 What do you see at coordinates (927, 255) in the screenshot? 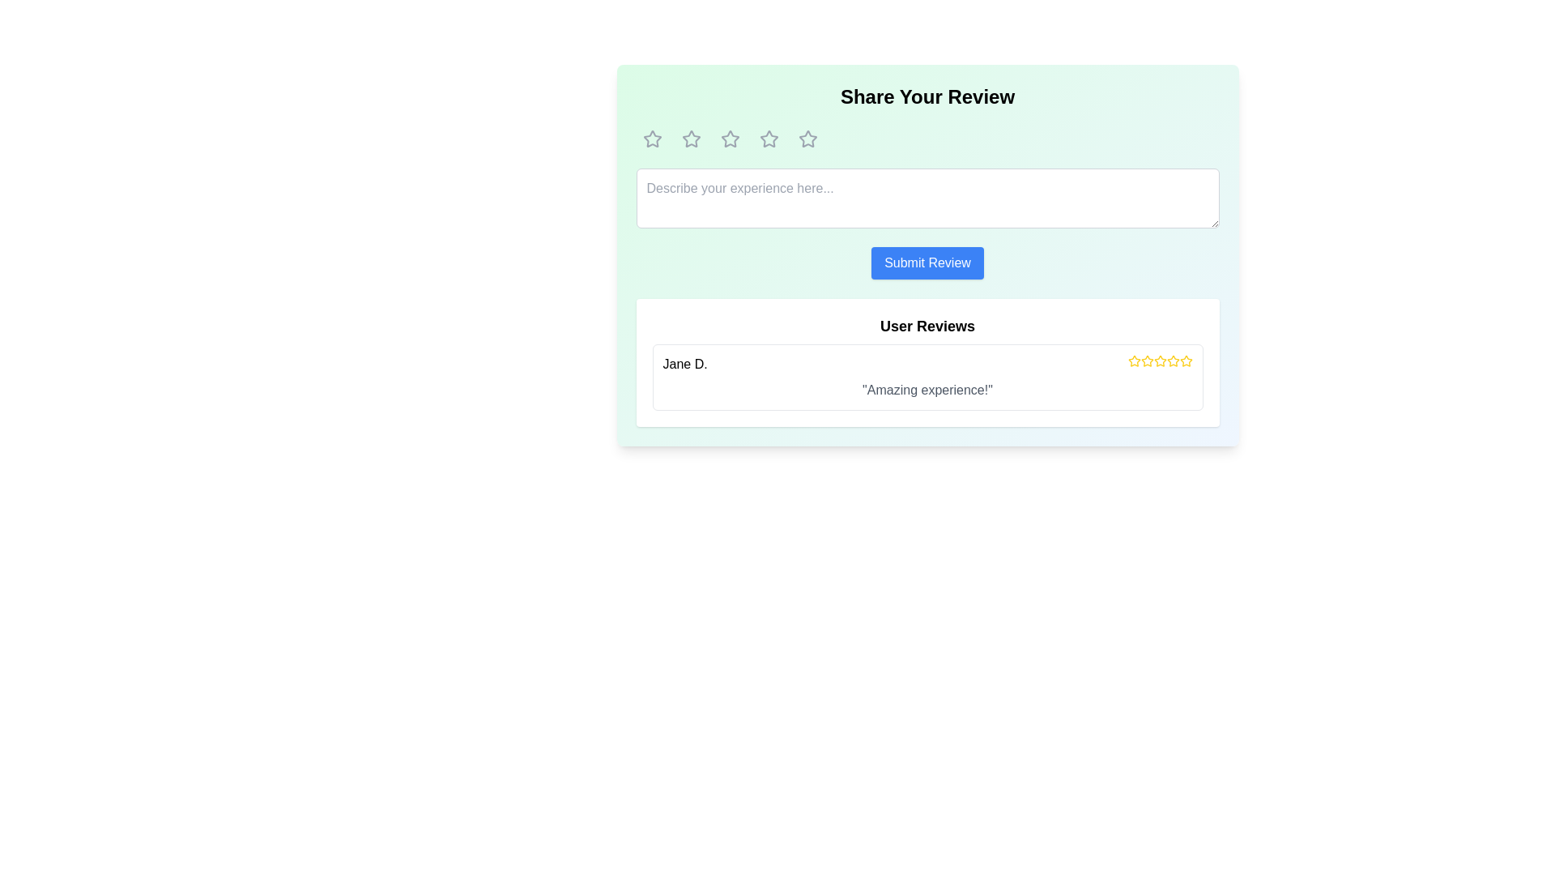
I see `the 'Submit Review' button` at bounding box center [927, 255].